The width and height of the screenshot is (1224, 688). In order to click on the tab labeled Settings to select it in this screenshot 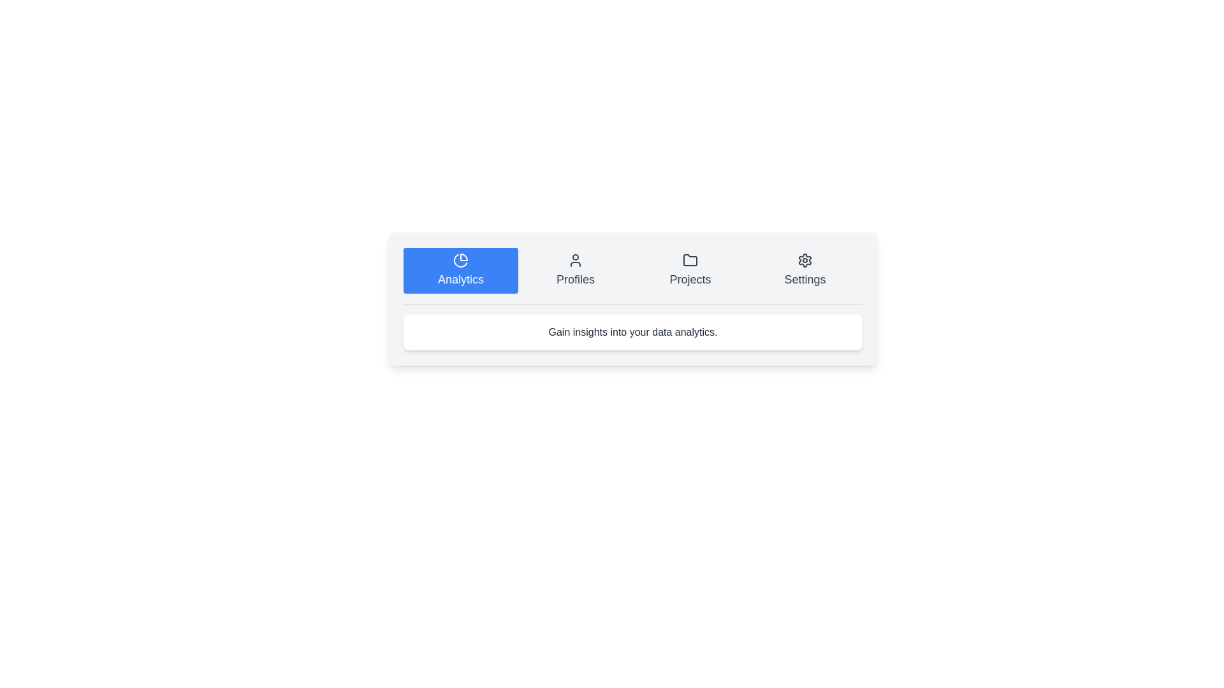, I will do `click(804, 269)`.